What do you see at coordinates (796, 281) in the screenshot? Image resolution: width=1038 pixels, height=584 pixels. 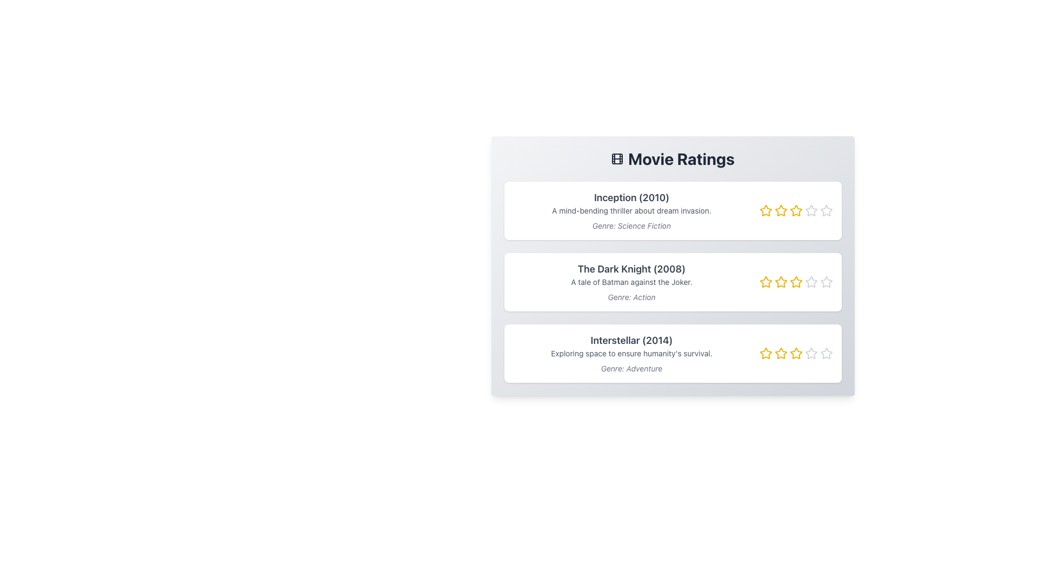 I see `the third star icon in the rating row for the movie 'The Dark Knight (2008)'` at bounding box center [796, 281].